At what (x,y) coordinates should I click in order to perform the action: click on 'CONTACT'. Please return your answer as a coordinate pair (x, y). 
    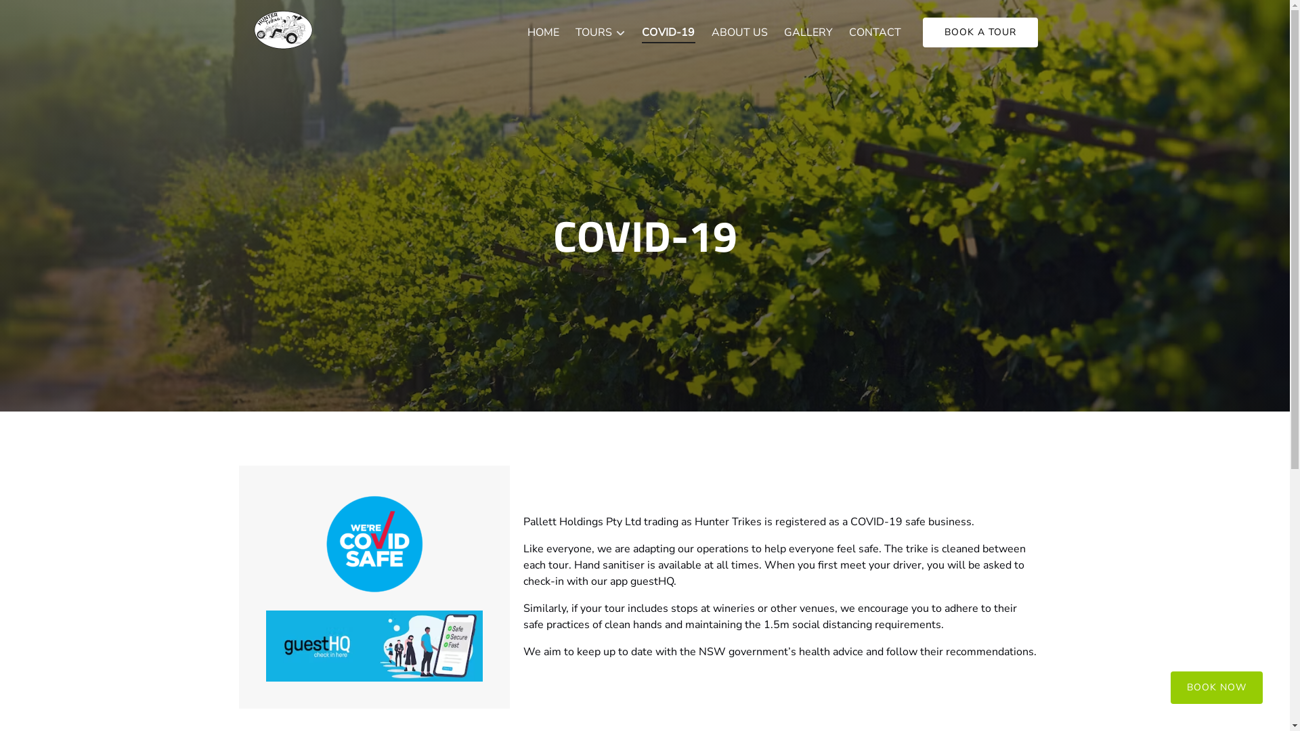
    Looking at the image, I should click on (875, 31).